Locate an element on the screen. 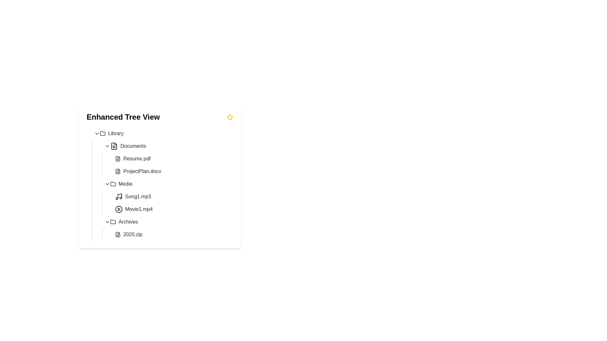  the decorative SVG-based folder icon that indicates the 'Archives' section in the tree structure is located at coordinates (113, 221).